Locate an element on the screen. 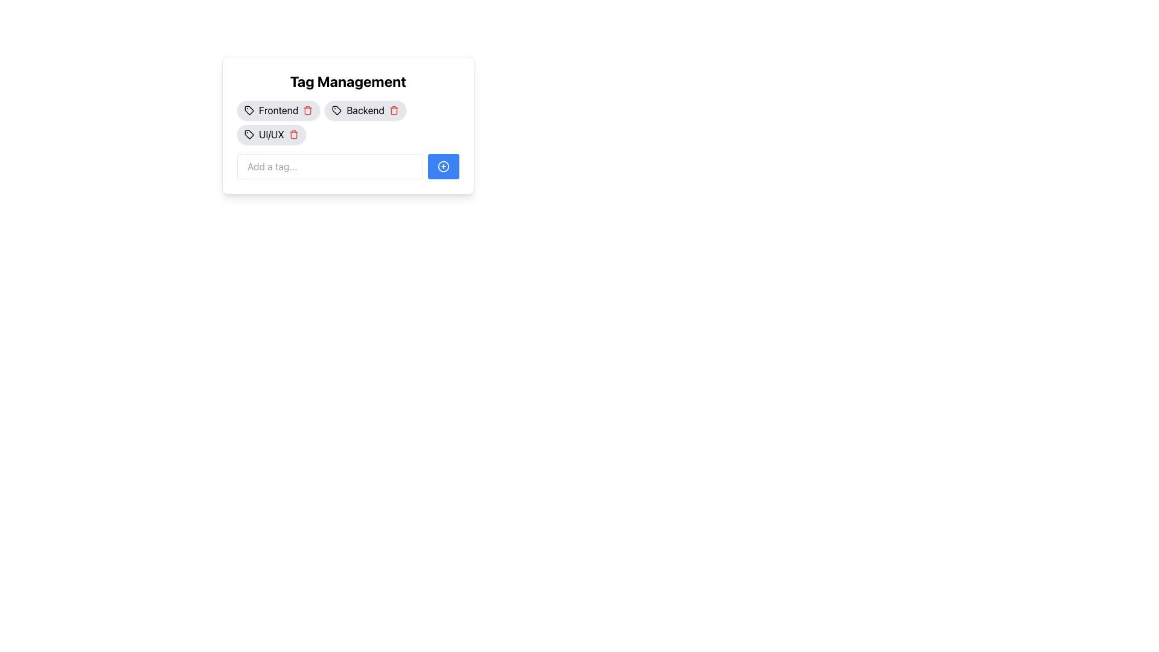 This screenshot has height=652, width=1159. the red delete icon of the 'UI/UX' tag is located at coordinates (271, 135).